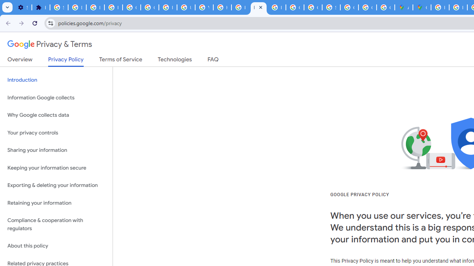 The width and height of the screenshot is (474, 266). I want to click on 'Overview', so click(20, 61).